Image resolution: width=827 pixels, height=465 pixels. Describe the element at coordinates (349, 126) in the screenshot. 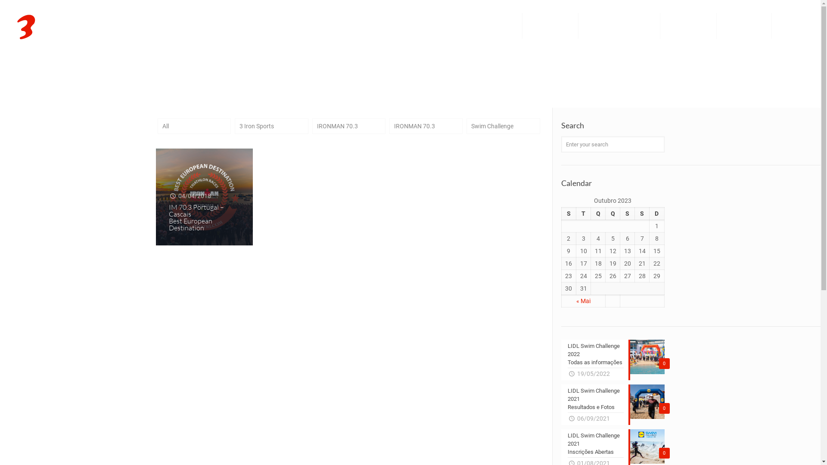

I see `'IRONMAN 70.3'` at that location.